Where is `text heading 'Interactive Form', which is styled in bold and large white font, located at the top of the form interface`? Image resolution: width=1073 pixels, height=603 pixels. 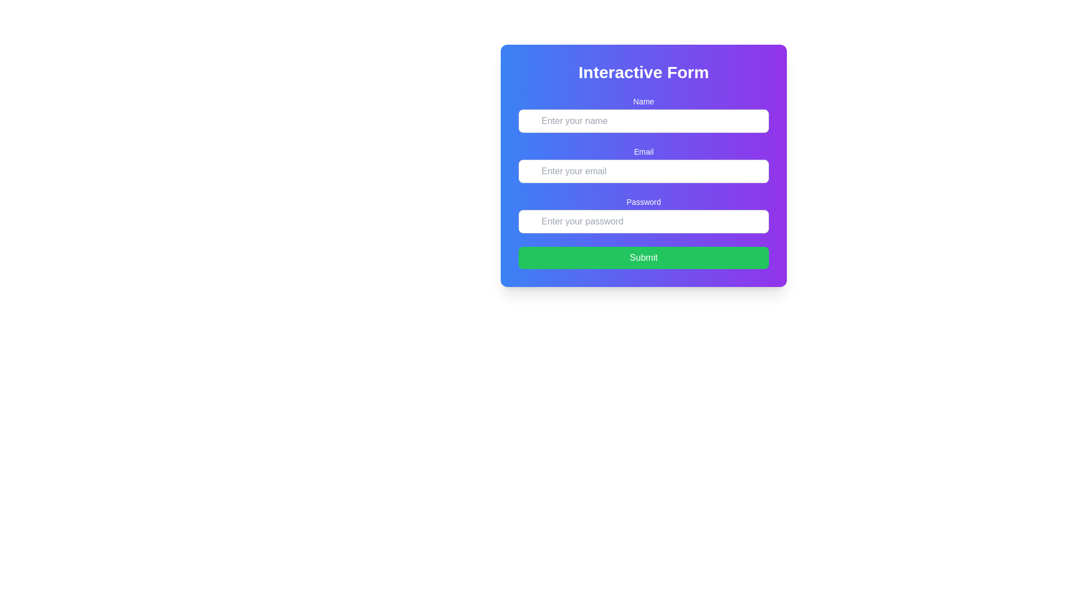 text heading 'Interactive Form', which is styled in bold and large white font, located at the top of the form interface is located at coordinates (644, 73).